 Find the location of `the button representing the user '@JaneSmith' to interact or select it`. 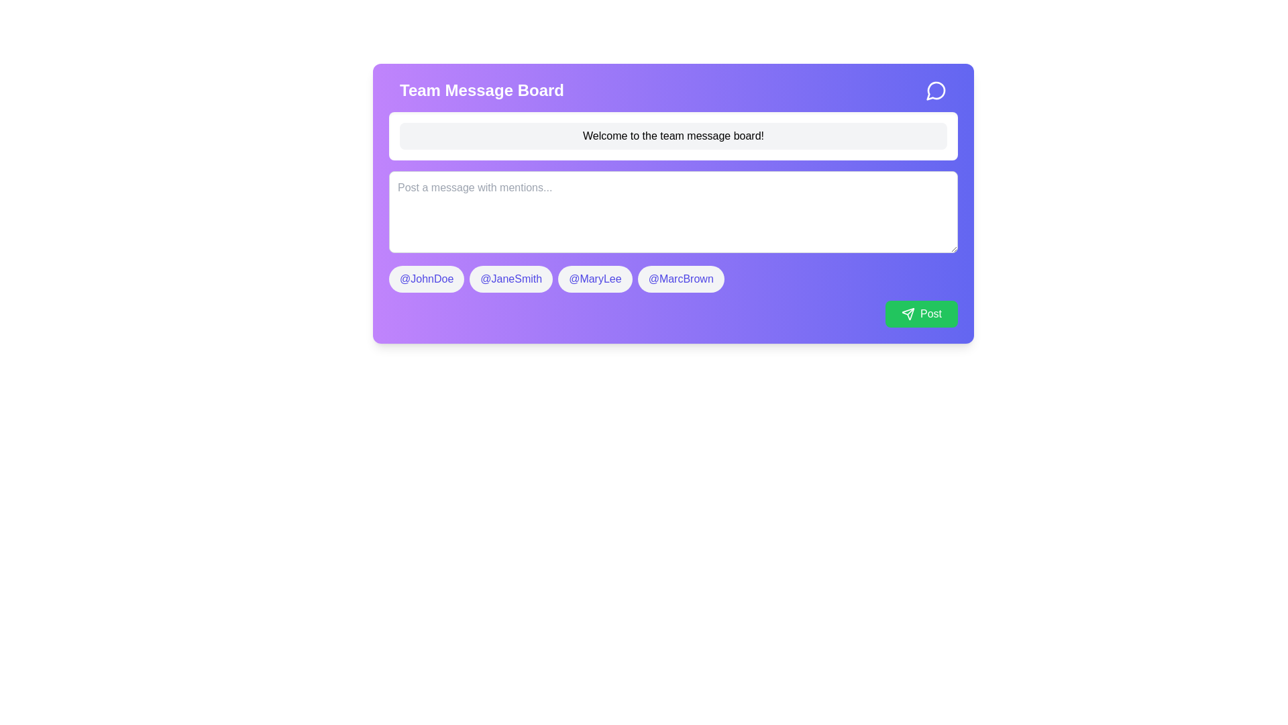

the button representing the user '@JaneSmith' to interact or select it is located at coordinates (511, 279).